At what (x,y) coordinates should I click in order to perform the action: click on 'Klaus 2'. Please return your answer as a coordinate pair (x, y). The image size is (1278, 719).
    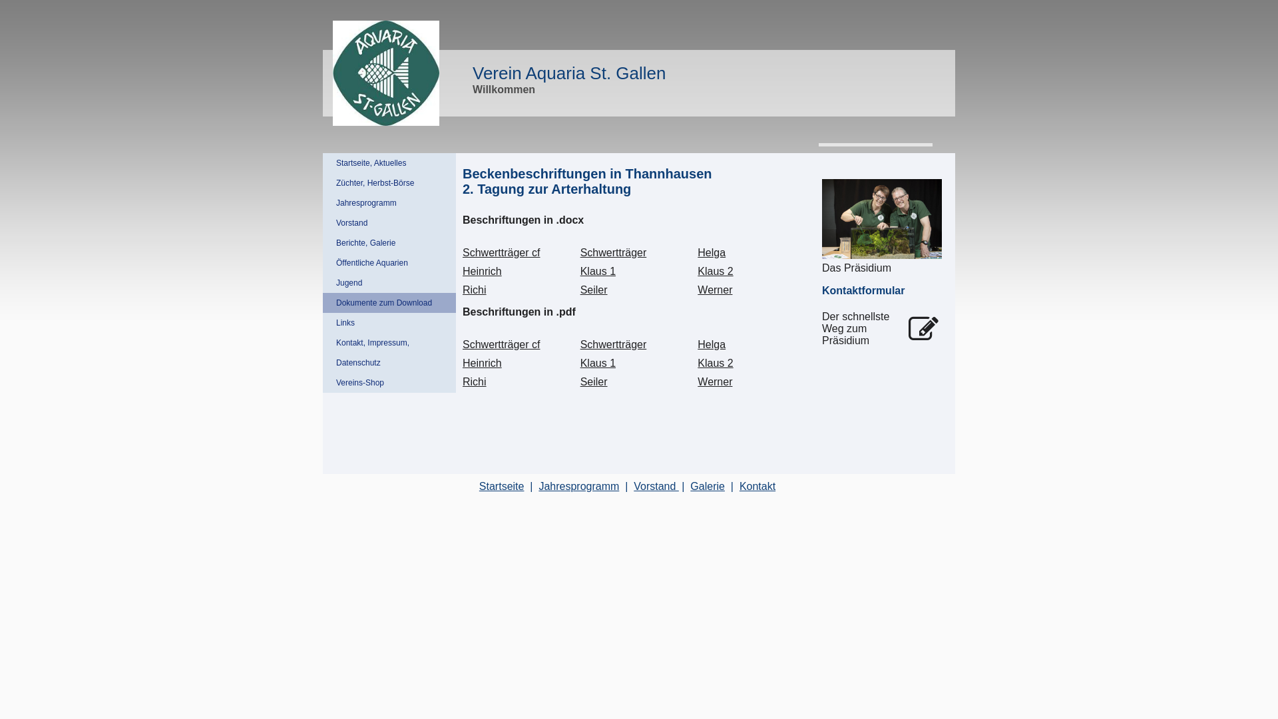
    Looking at the image, I should click on (714, 270).